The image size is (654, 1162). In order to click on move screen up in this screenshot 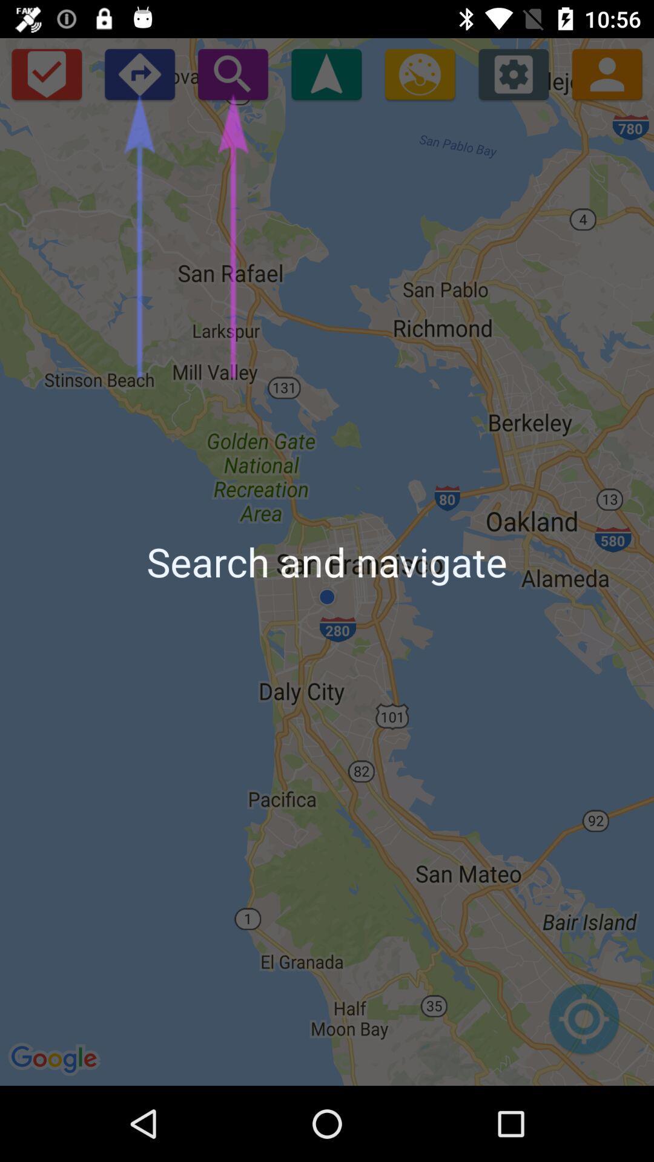, I will do `click(326, 73)`.